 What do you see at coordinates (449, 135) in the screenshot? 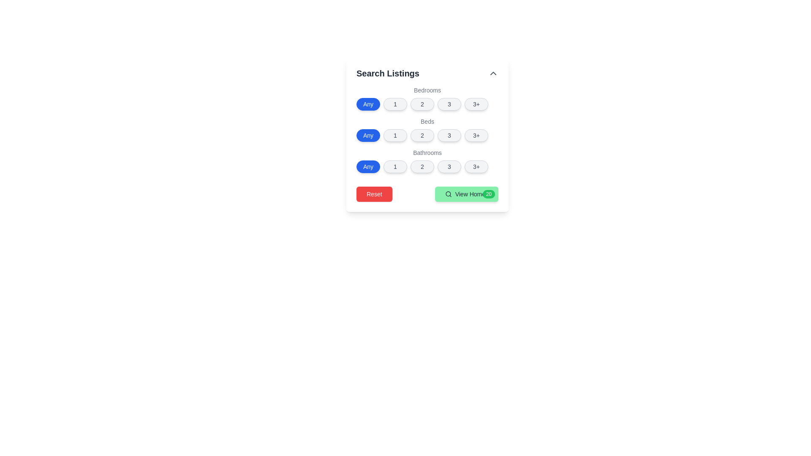
I see `the rounded rectangular button labeled '3' located in the 'Beds' section` at bounding box center [449, 135].